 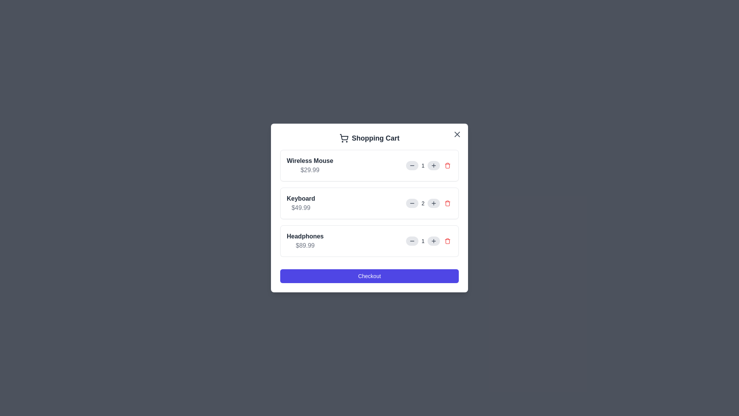 I want to click on the shopping cart icon, which is a minimalistic outline located to the left of the 'Shopping Cart' title in the modal header, so click(x=343, y=138).